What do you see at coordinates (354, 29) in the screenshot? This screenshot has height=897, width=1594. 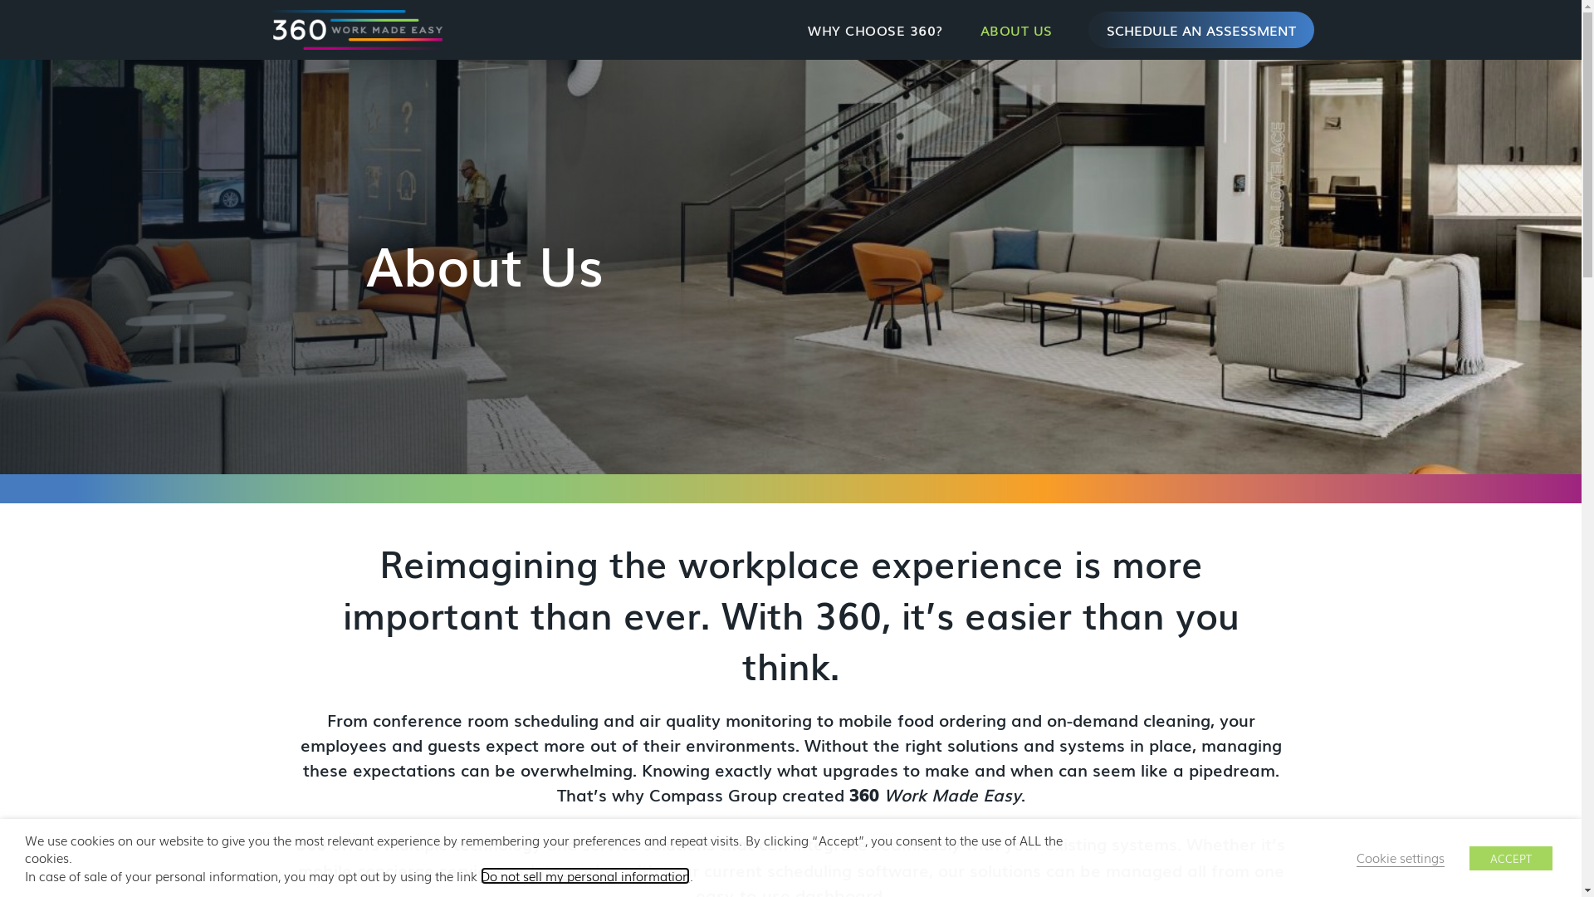 I see `'Compass360_Logo_Dark'` at bounding box center [354, 29].